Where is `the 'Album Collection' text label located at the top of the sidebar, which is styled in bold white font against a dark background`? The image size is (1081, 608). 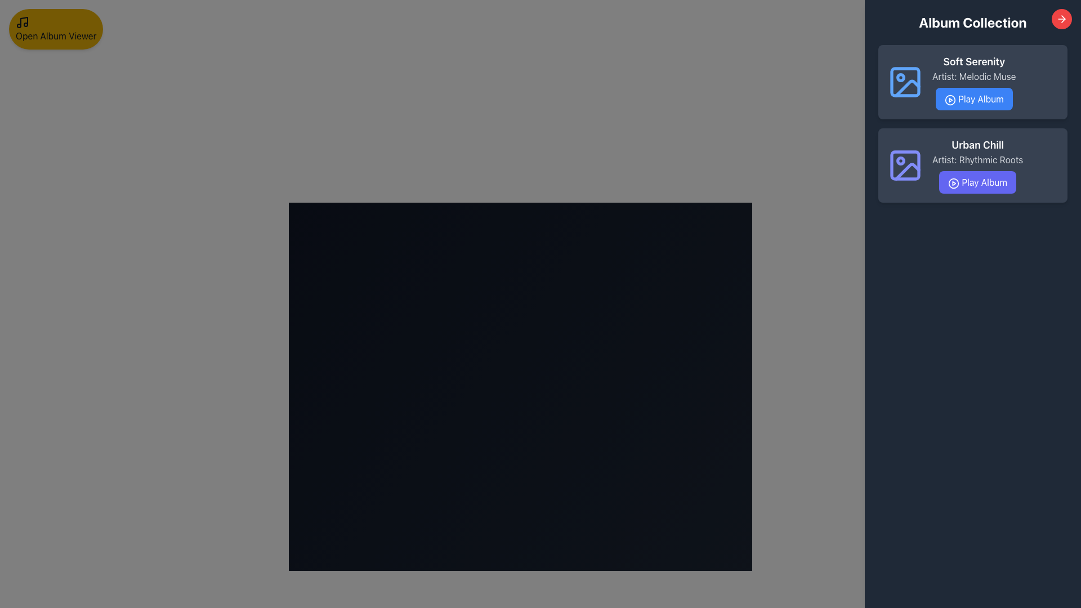
the 'Album Collection' text label located at the top of the sidebar, which is styled in bold white font against a dark background is located at coordinates (972, 22).